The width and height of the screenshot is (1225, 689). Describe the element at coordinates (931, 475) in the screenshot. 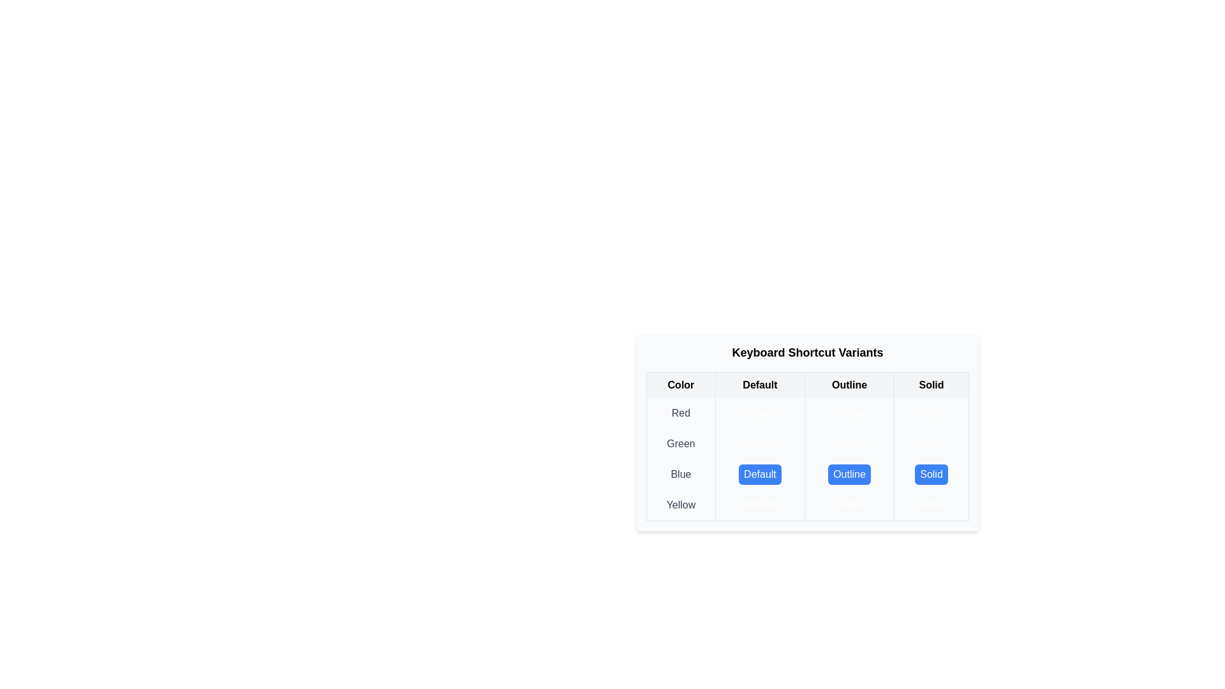

I see `the rectangular button labeled 'Solid' with a blue background and white text` at that location.